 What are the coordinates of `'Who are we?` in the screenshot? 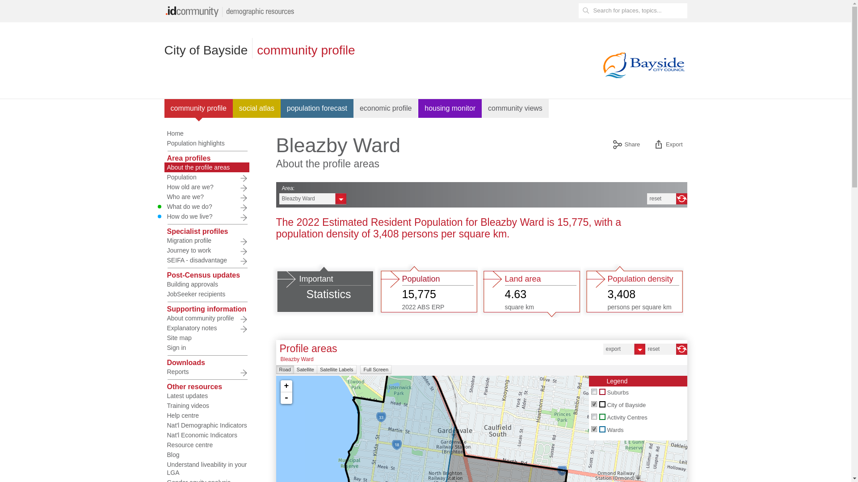 It's located at (206, 196).